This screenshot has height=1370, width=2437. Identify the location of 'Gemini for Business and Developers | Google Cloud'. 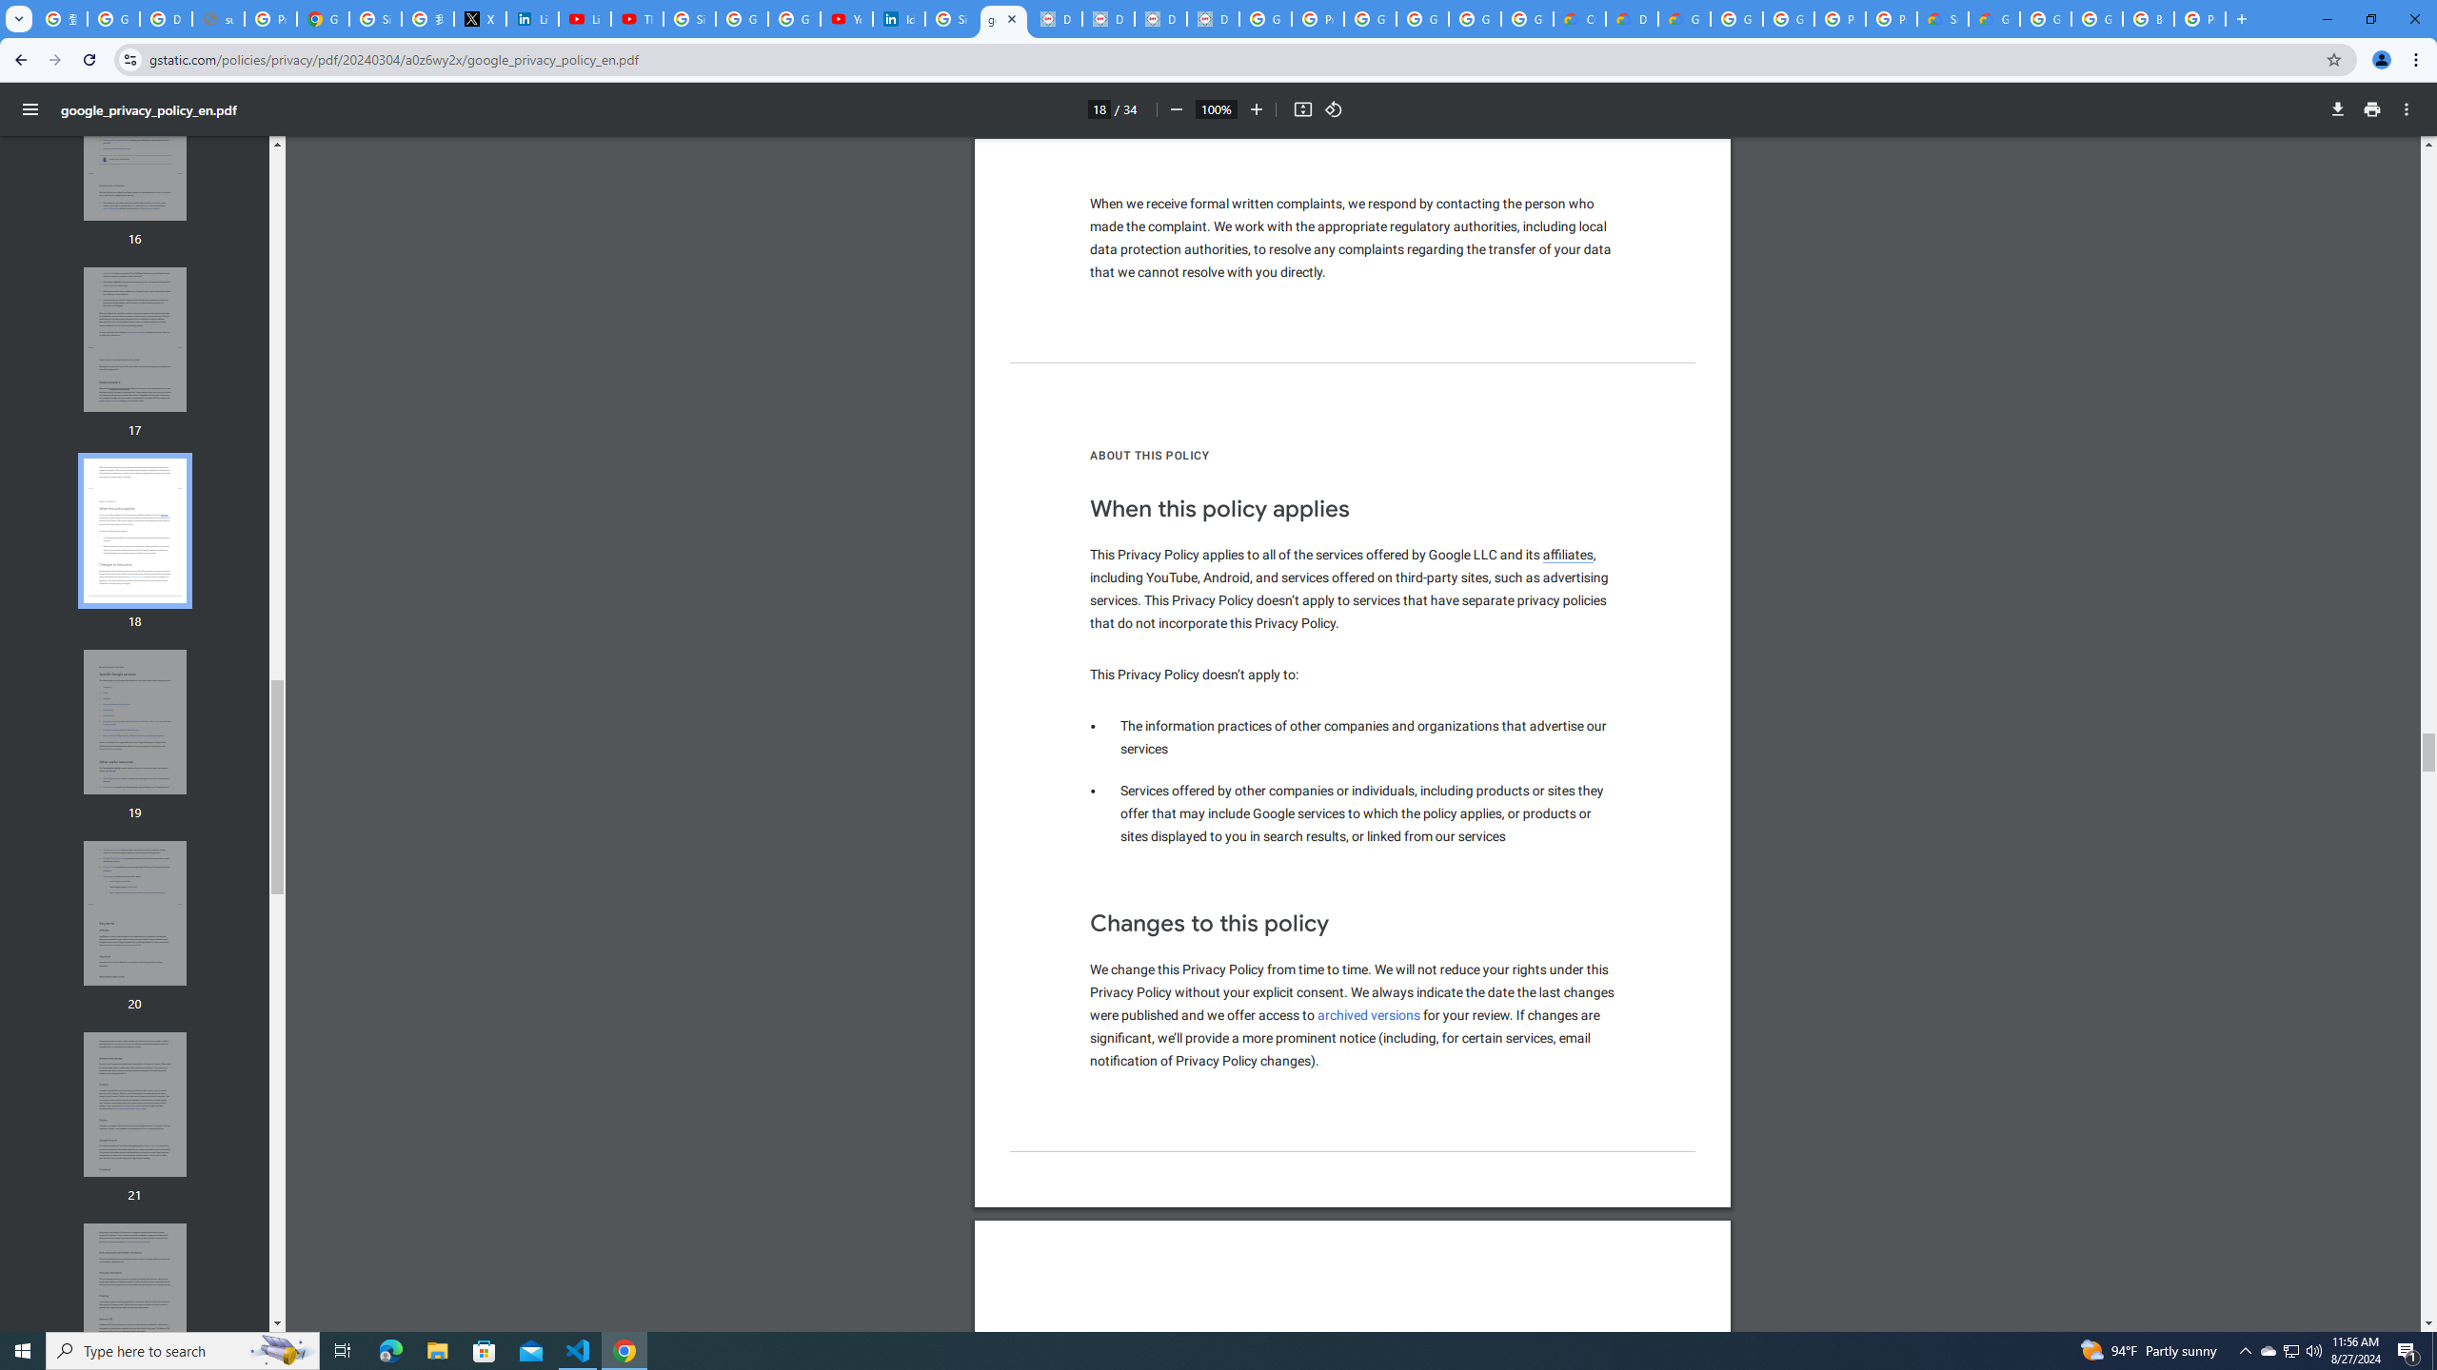
(1683, 18).